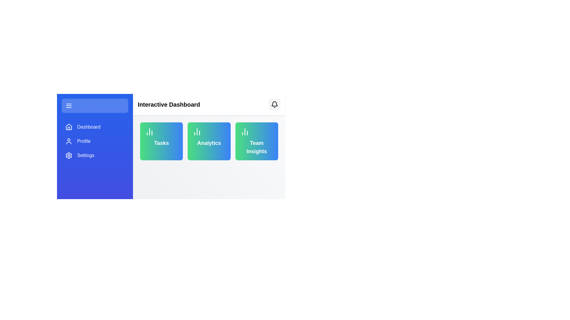  I want to click on the navigational button located in the left sidebar, directly under the hamburger menu icon, so click(95, 127).